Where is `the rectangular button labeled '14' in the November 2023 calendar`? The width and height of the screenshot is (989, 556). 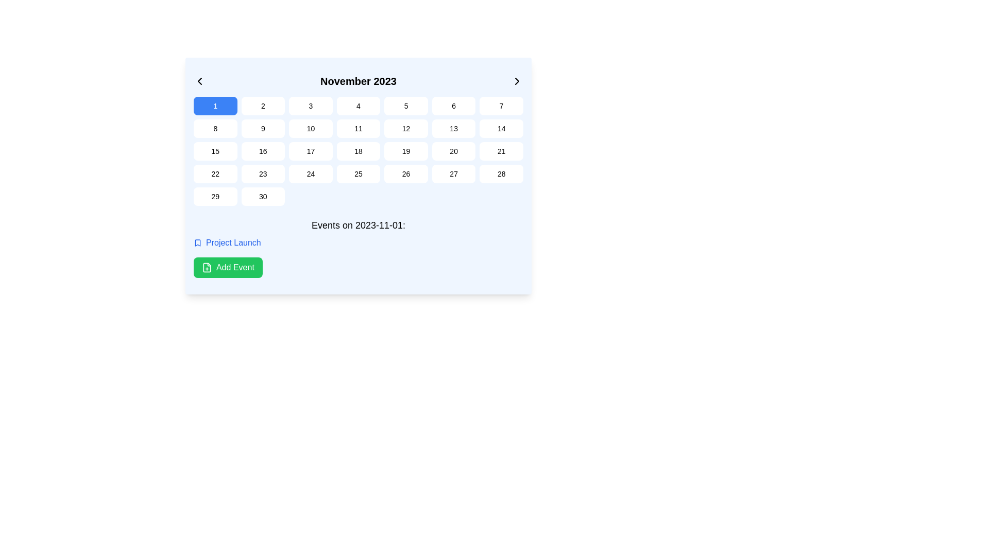 the rectangular button labeled '14' in the November 2023 calendar is located at coordinates (501, 128).